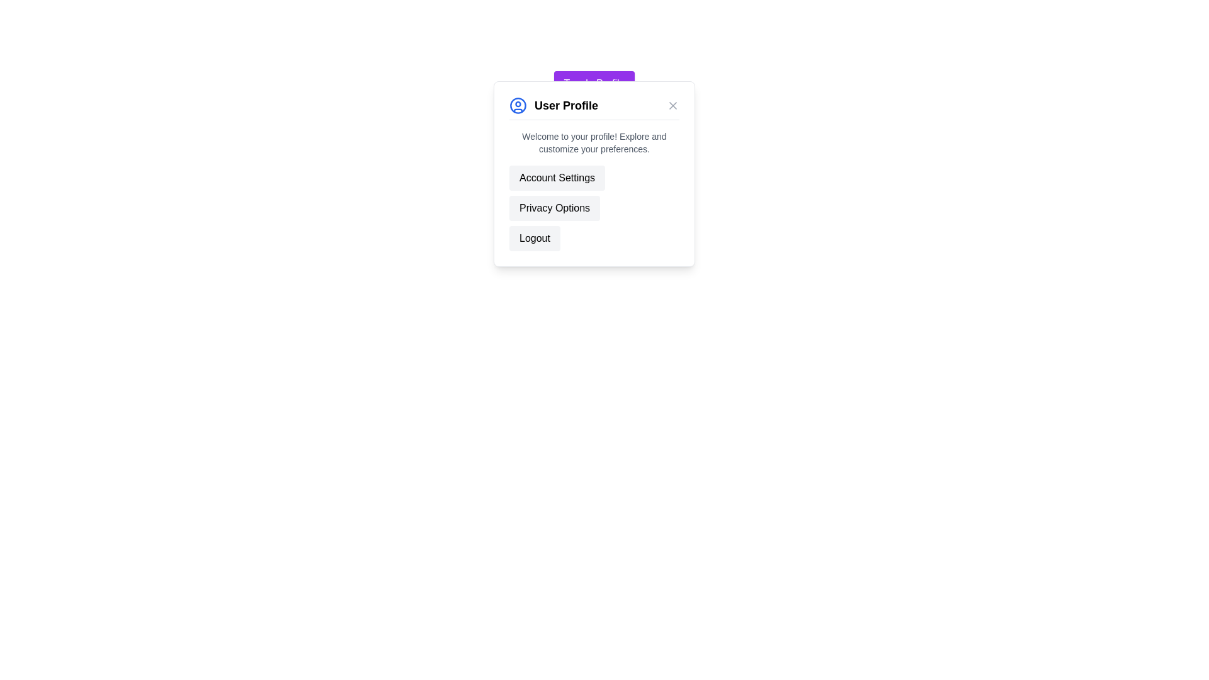 This screenshot has width=1209, height=680. What do you see at coordinates (594, 108) in the screenshot?
I see `the user profile icon located in the header section of the modal for additional features` at bounding box center [594, 108].